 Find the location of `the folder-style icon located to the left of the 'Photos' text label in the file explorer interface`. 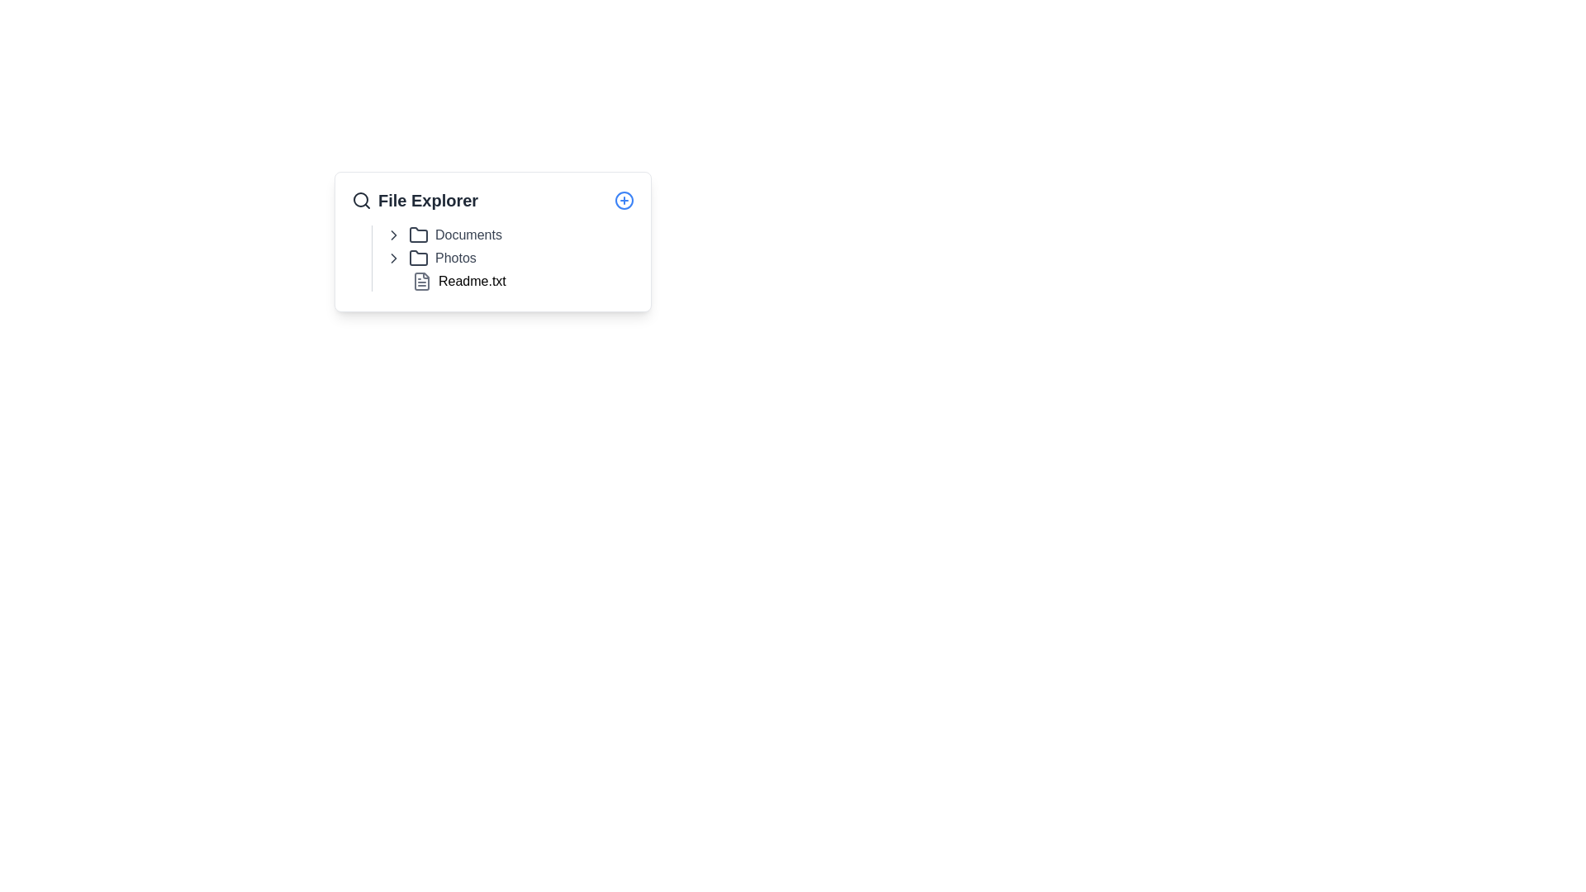

the folder-style icon located to the left of the 'Photos' text label in the file explorer interface is located at coordinates (419, 258).